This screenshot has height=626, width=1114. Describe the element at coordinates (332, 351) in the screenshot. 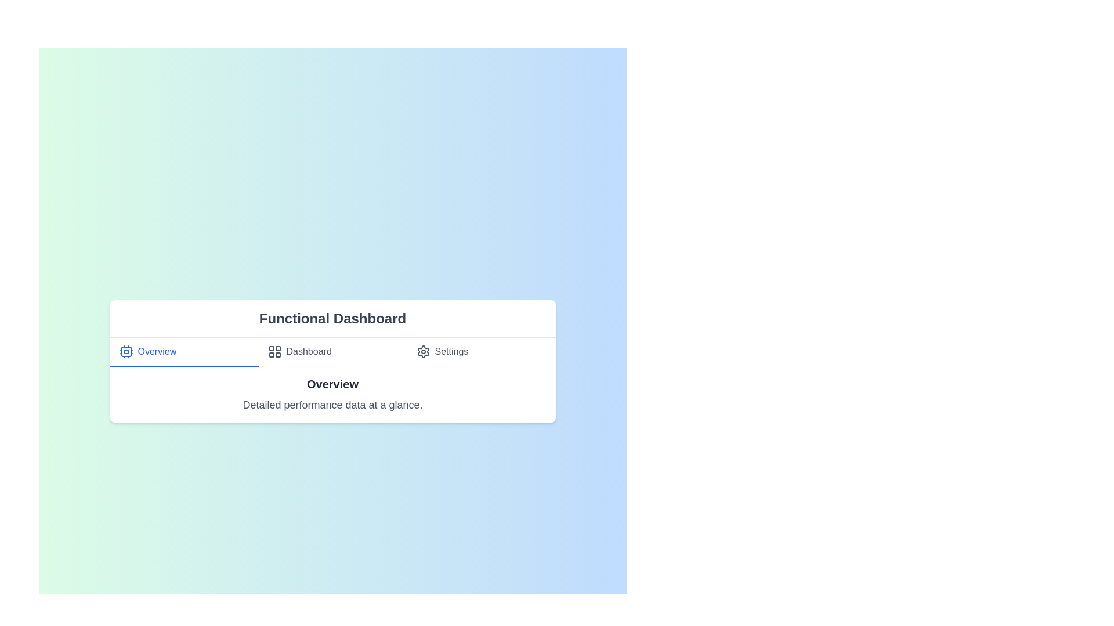

I see `the Dashboard tab by clicking on it` at that location.